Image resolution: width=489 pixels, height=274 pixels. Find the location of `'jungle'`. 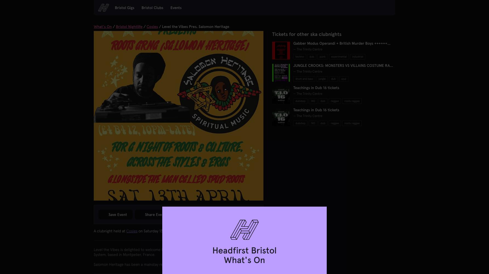

'jungle' is located at coordinates (322, 79).